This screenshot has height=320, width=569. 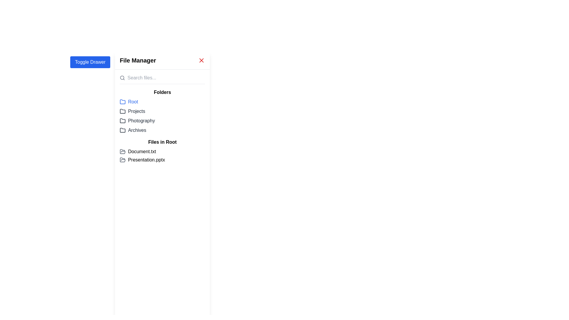 I want to click on the 'Archives' Folder button located, so click(x=132, y=130).